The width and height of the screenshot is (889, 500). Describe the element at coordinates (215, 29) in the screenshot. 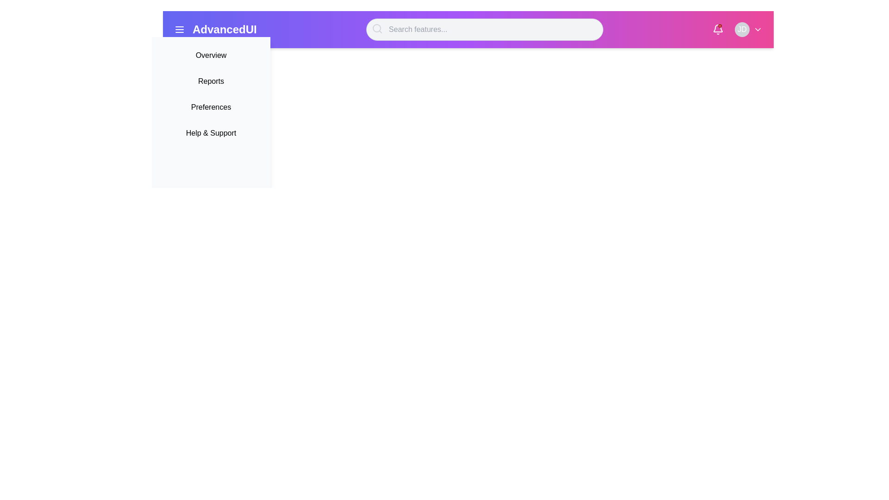

I see `the branding text label located near the left edge of the navigation bar, adjacent to the menu icon represented by three horizontal lines` at that location.